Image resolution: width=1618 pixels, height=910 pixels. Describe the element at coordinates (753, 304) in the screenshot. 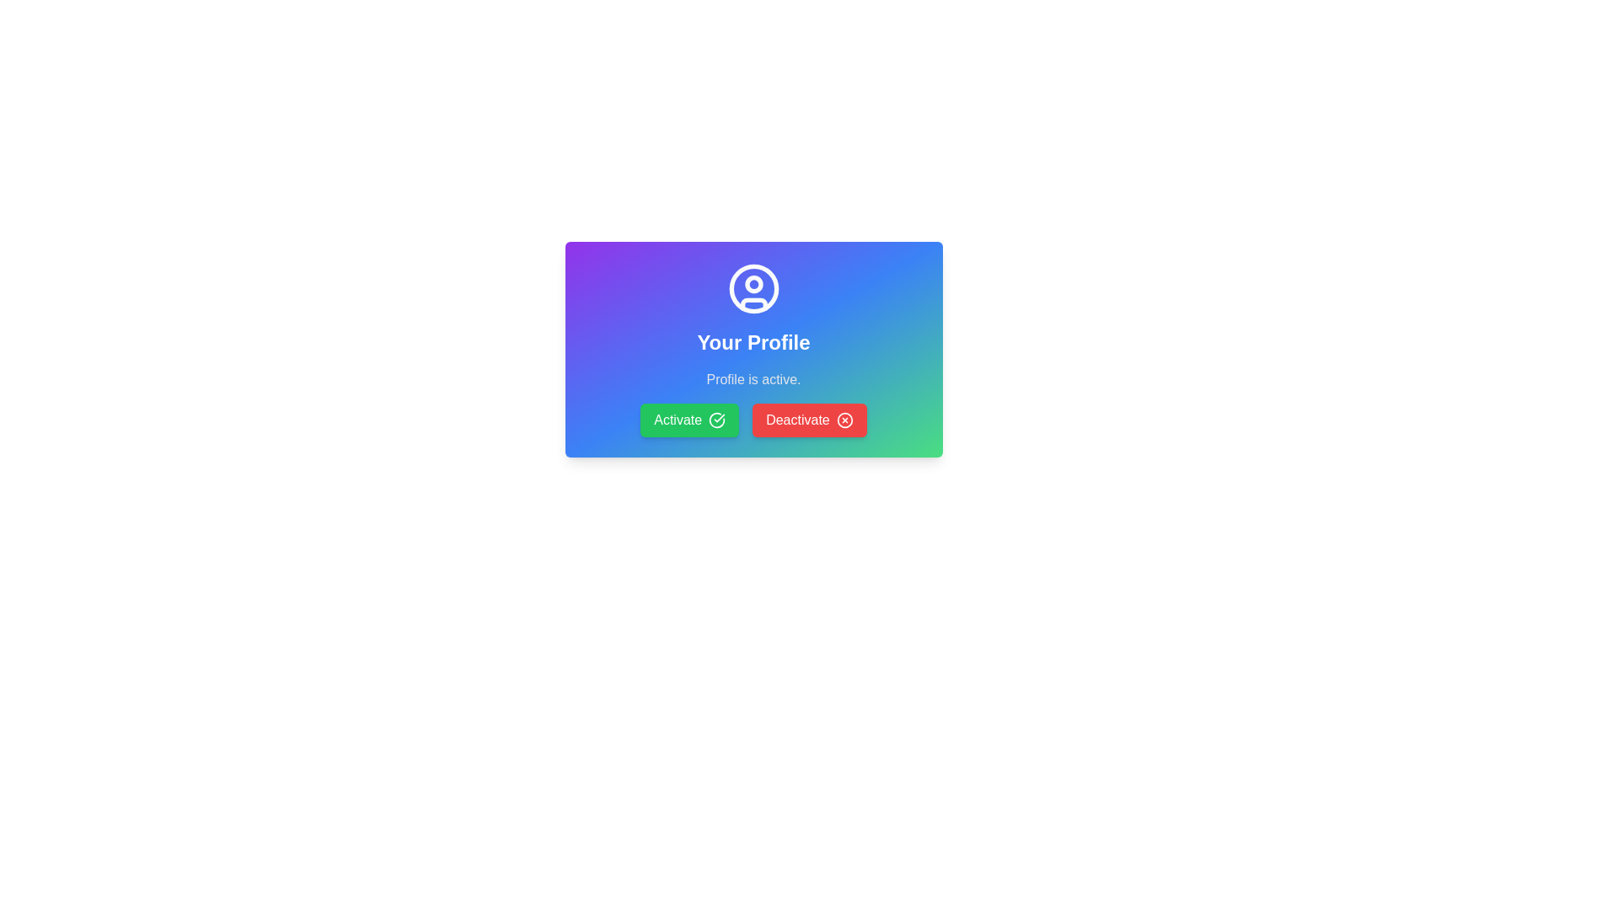

I see `the torso component of the person icon within the circular boundary, located centrally in the SVG icon` at that location.